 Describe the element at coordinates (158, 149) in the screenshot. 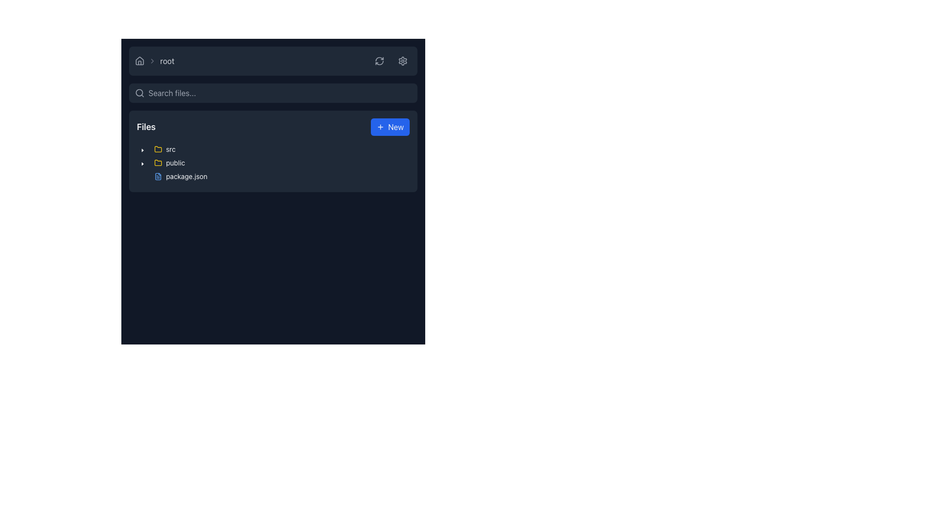

I see `the folder icon representing the 'public' directory located within the 'Files' section` at that location.